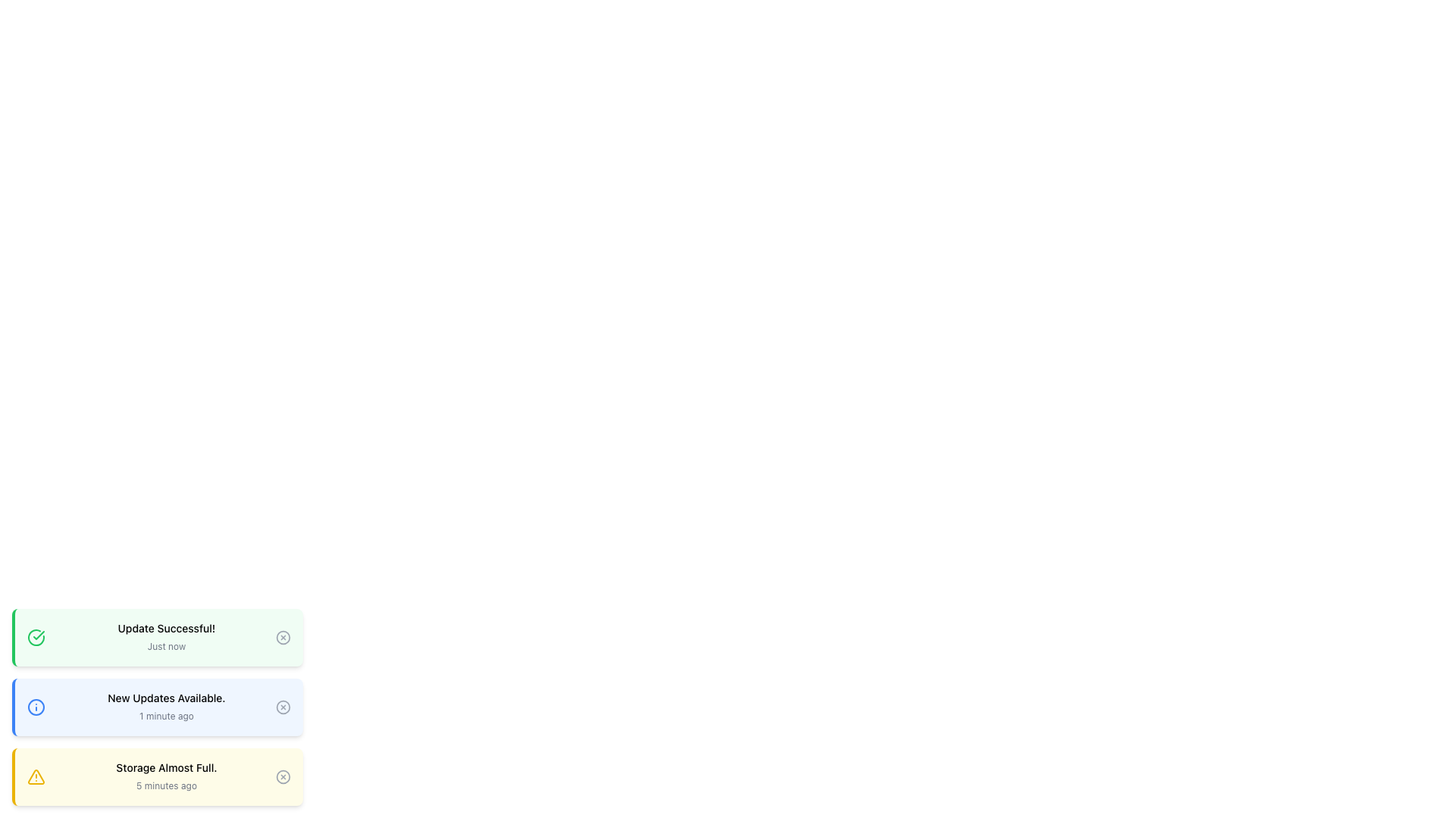 Image resolution: width=1455 pixels, height=818 pixels. I want to click on the circular outline of the information icon element, so click(36, 707).